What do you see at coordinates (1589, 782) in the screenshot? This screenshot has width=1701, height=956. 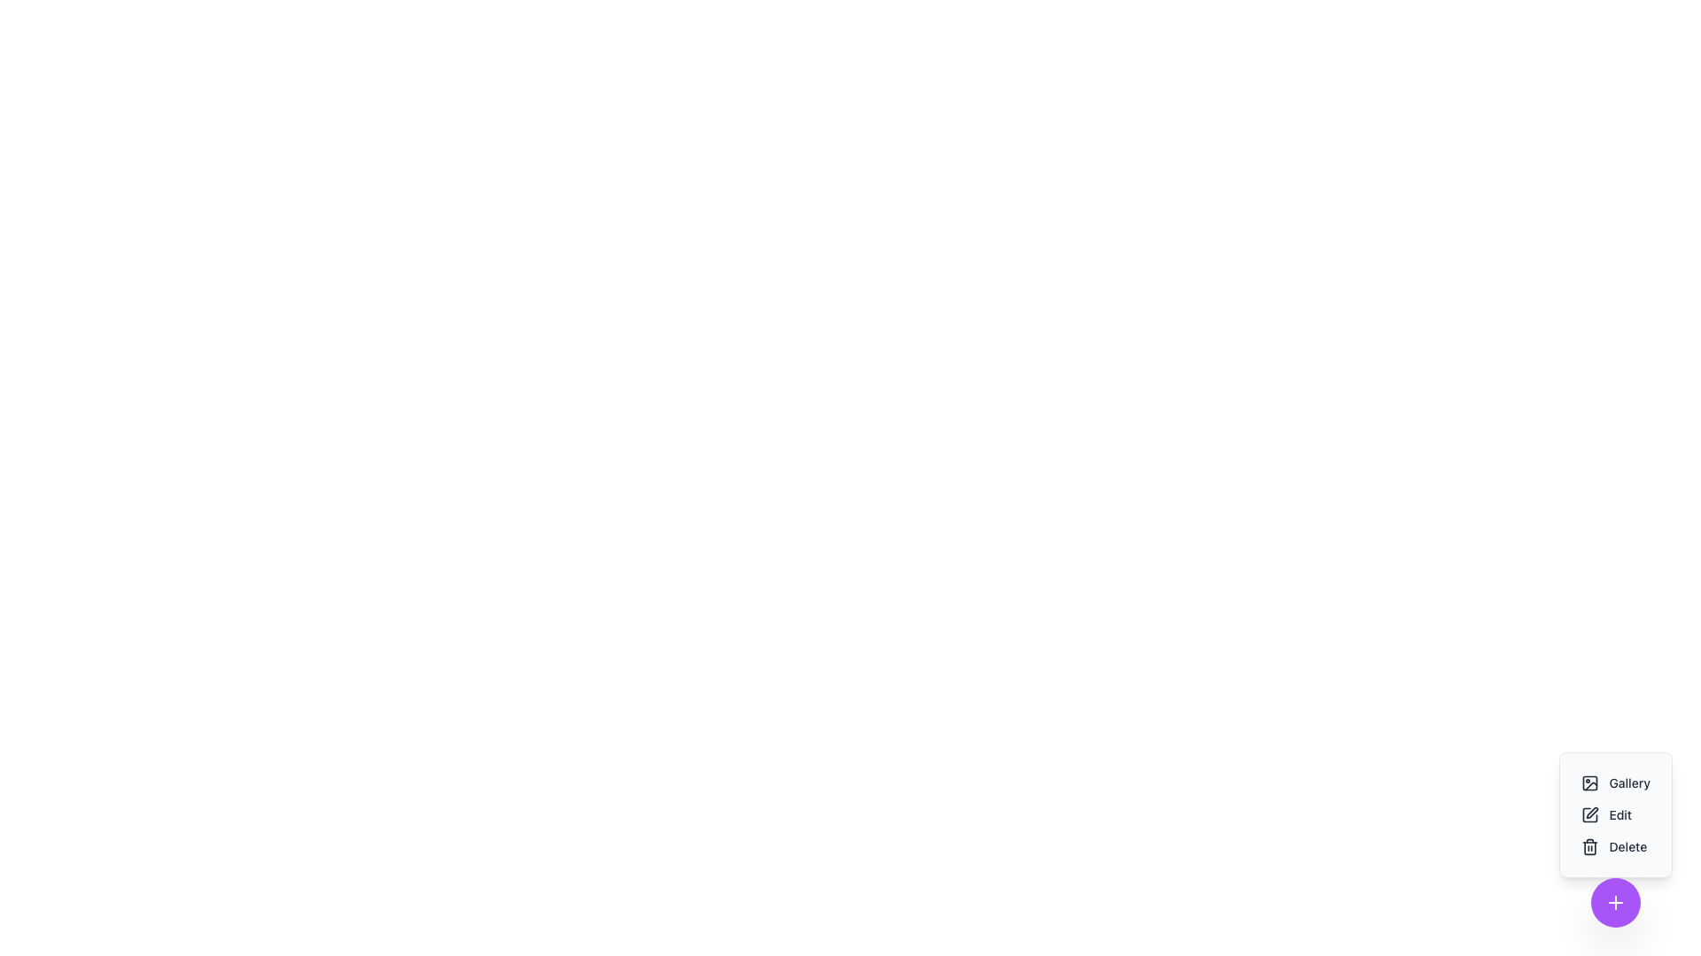 I see `the 'Gallery' icon, which is visually represented in the menu at the topmost position, aligned to the left of the text label 'Gallery'` at bounding box center [1589, 782].